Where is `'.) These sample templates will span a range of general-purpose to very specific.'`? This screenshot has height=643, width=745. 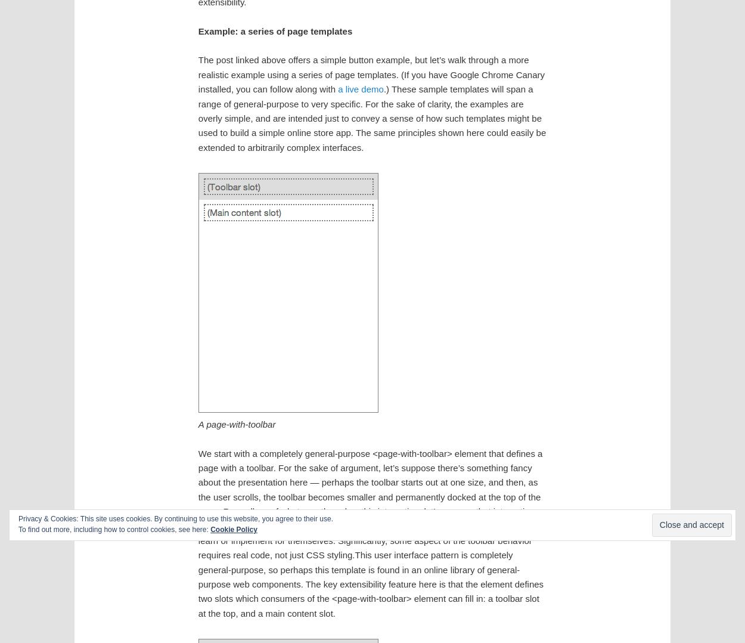
'.) These sample templates will span a range of general-purpose to very specific.' is located at coordinates (365, 95).